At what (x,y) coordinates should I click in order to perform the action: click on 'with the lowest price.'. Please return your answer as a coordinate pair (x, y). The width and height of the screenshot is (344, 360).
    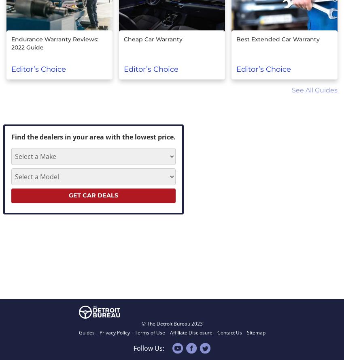
    Looking at the image, I should click on (140, 137).